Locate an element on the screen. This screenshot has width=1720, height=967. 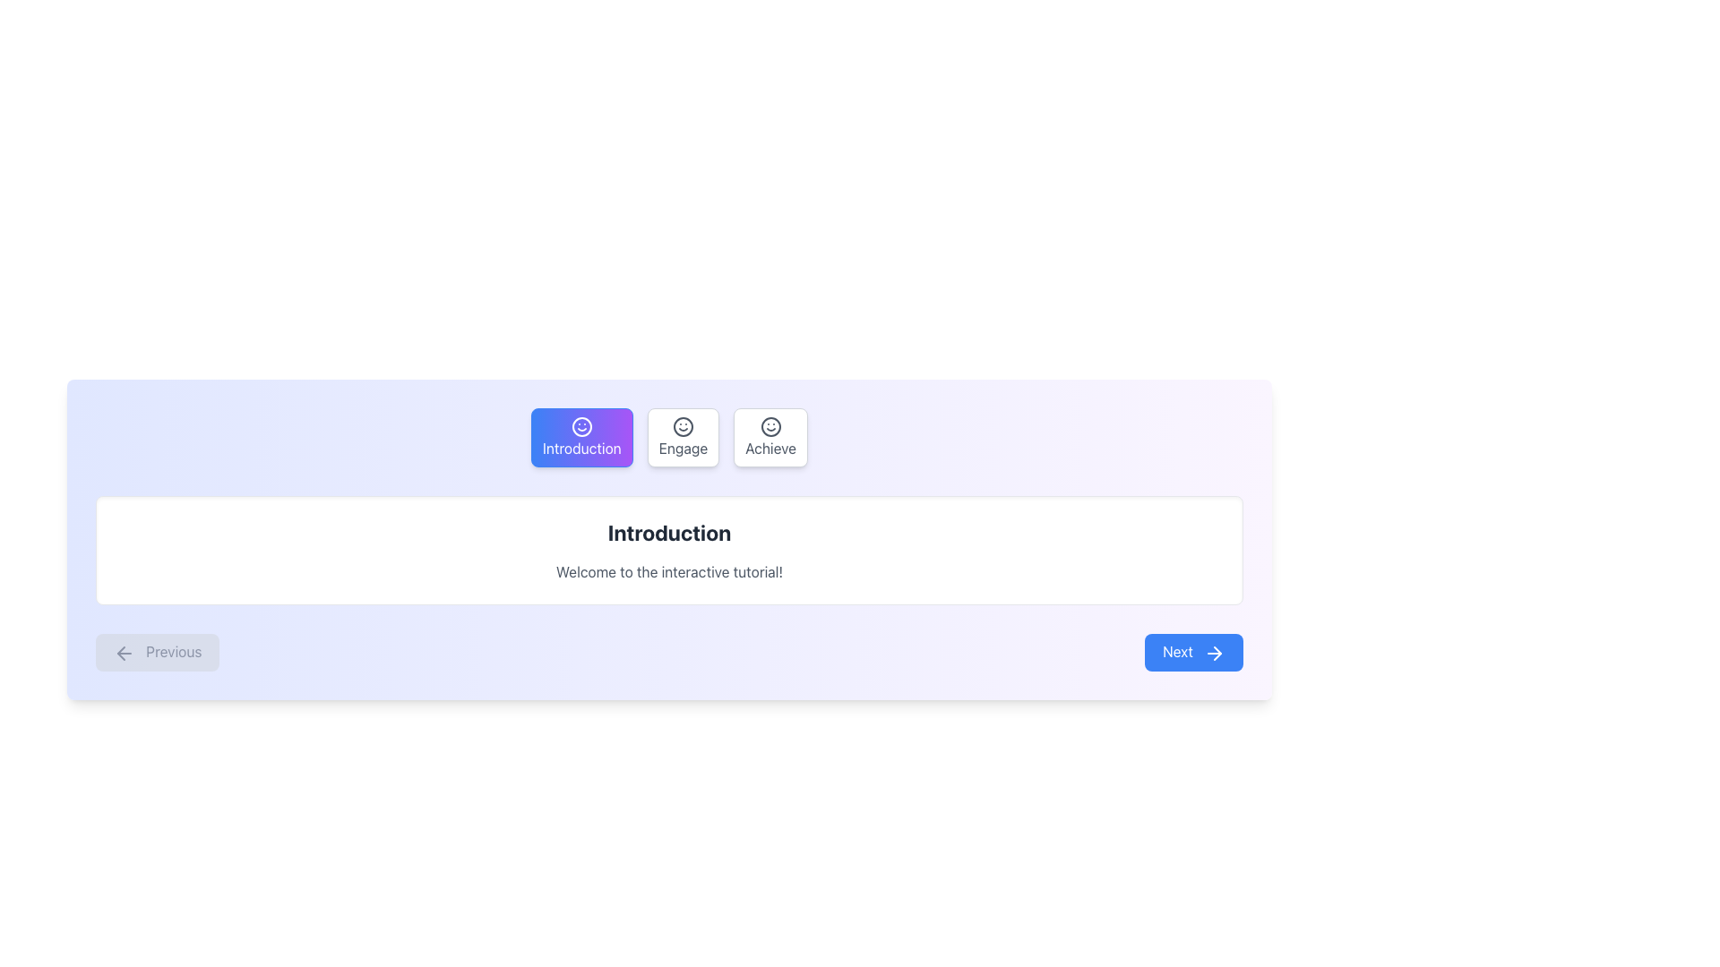
the circular outline of the smiling face icon located in the header section near the 'Introduction' label is located at coordinates (770, 427).